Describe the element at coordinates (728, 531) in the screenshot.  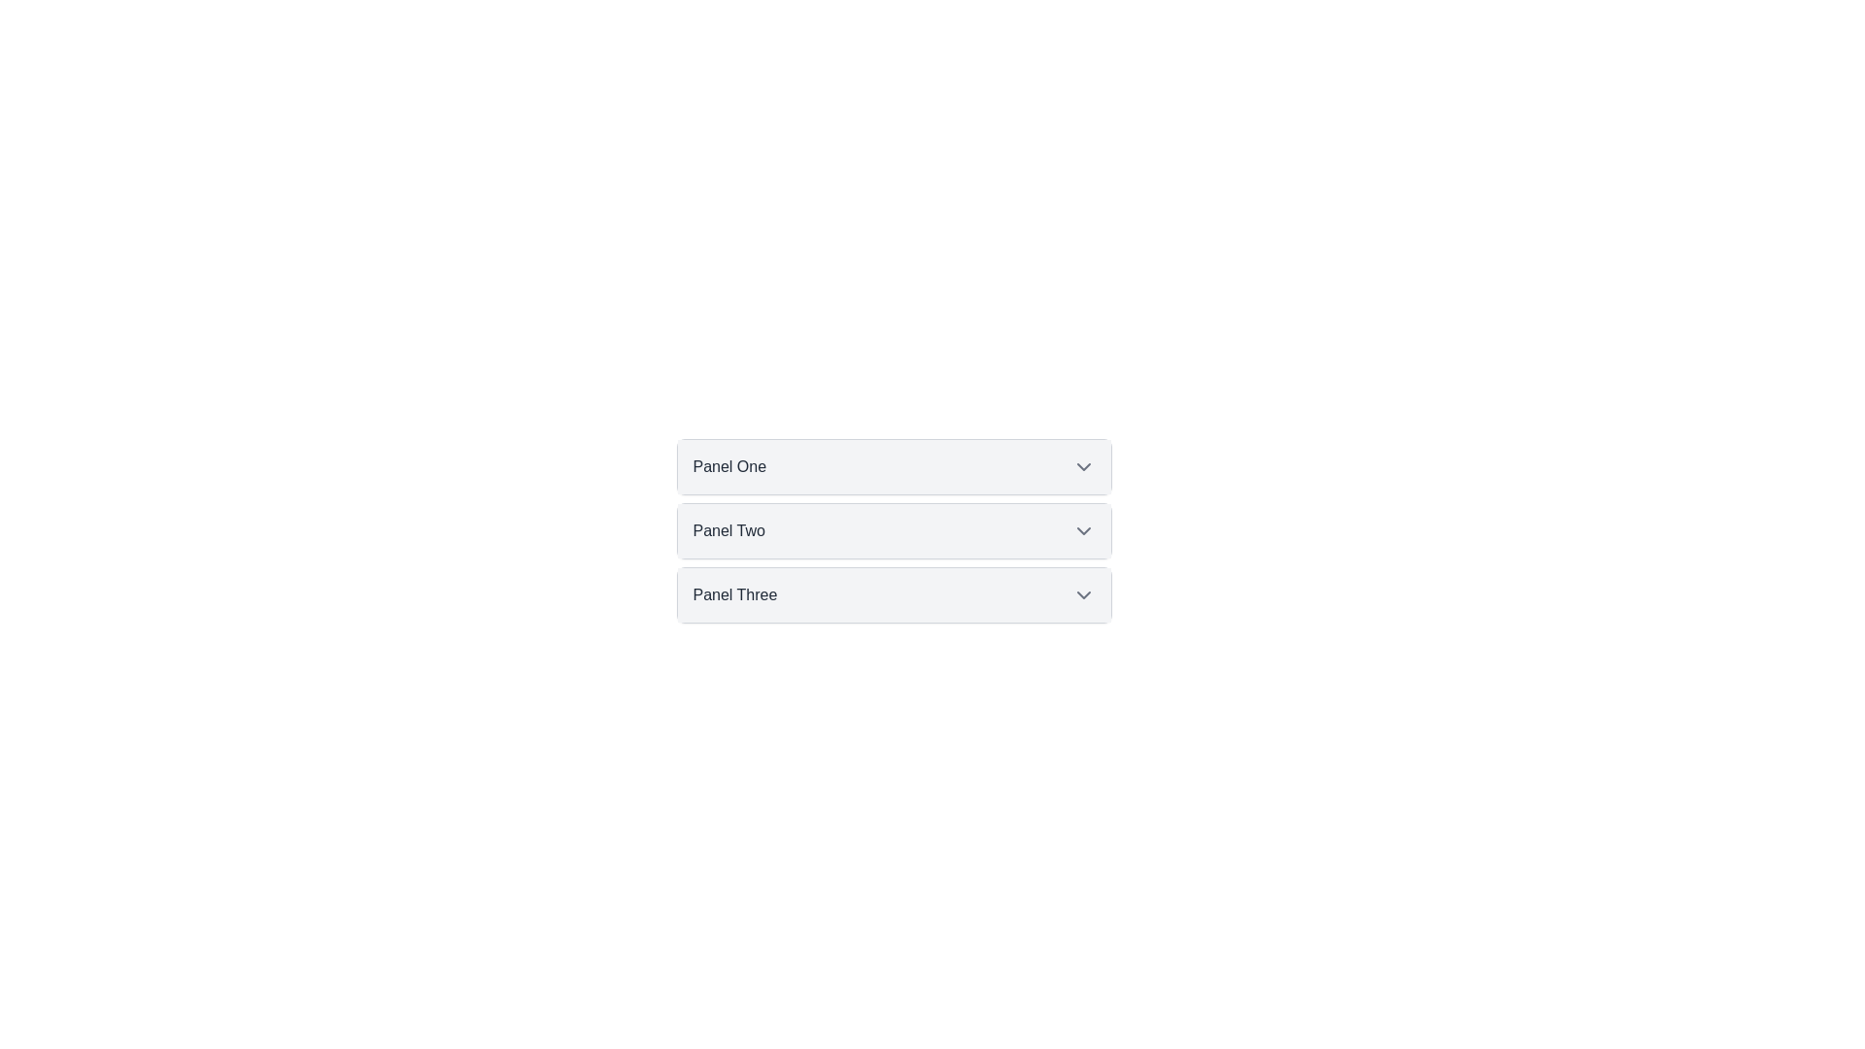
I see `the 'Panel Two' text label` at that location.